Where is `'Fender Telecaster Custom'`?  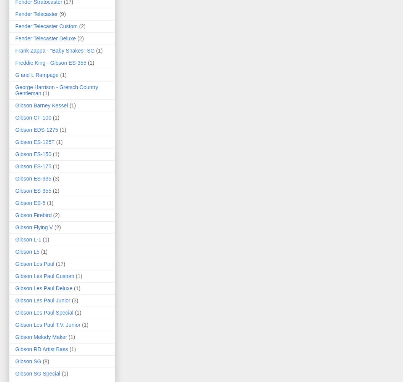
'Fender Telecaster Custom' is located at coordinates (46, 26).